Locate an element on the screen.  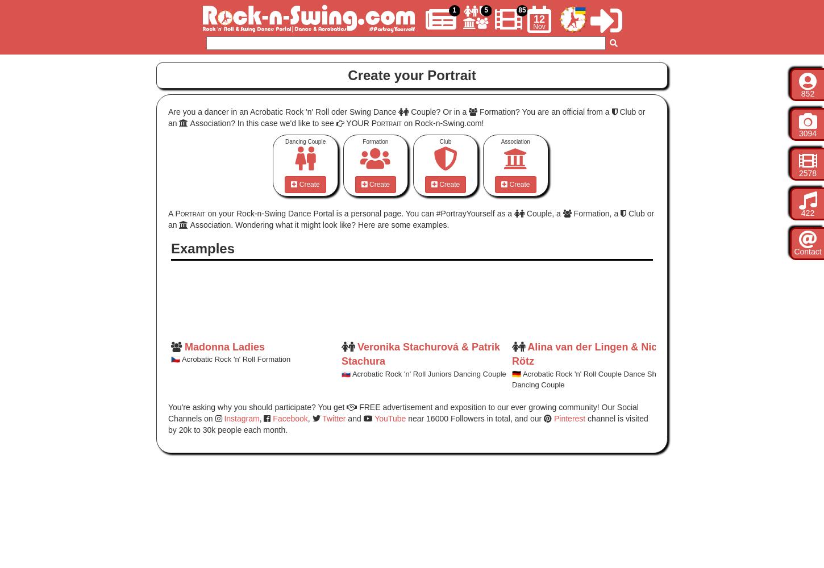
'Formation? You are an official from a' is located at coordinates (544, 111).